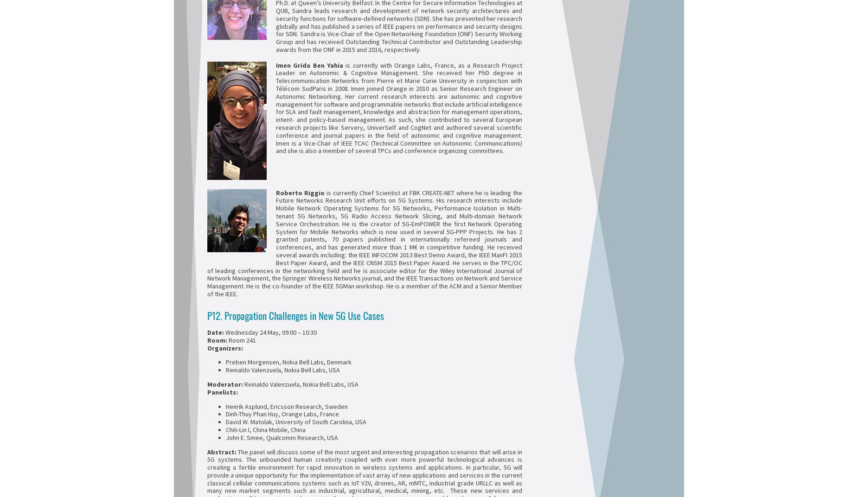 This screenshot has height=497, width=858. What do you see at coordinates (206, 315) in the screenshot?
I see `'P12. Propagation Challenges in New 5G Use Cases'` at bounding box center [206, 315].